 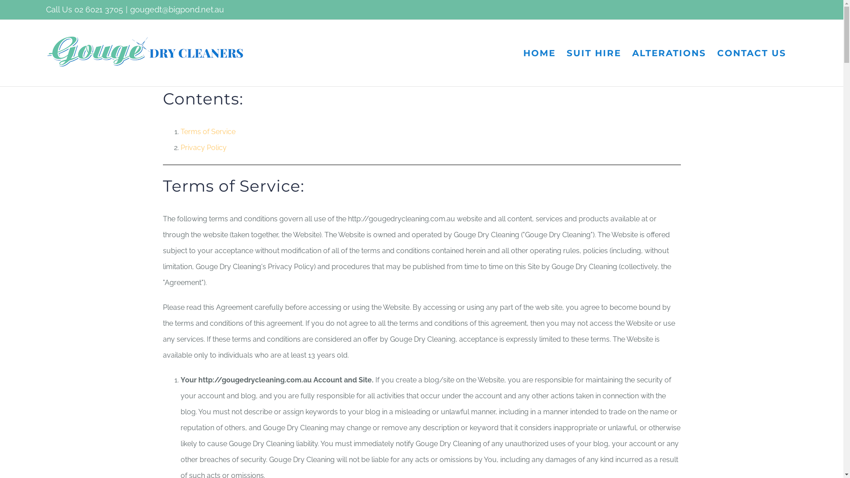 What do you see at coordinates (208, 131) in the screenshot?
I see `'Terms of Service'` at bounding box center [208, 131].